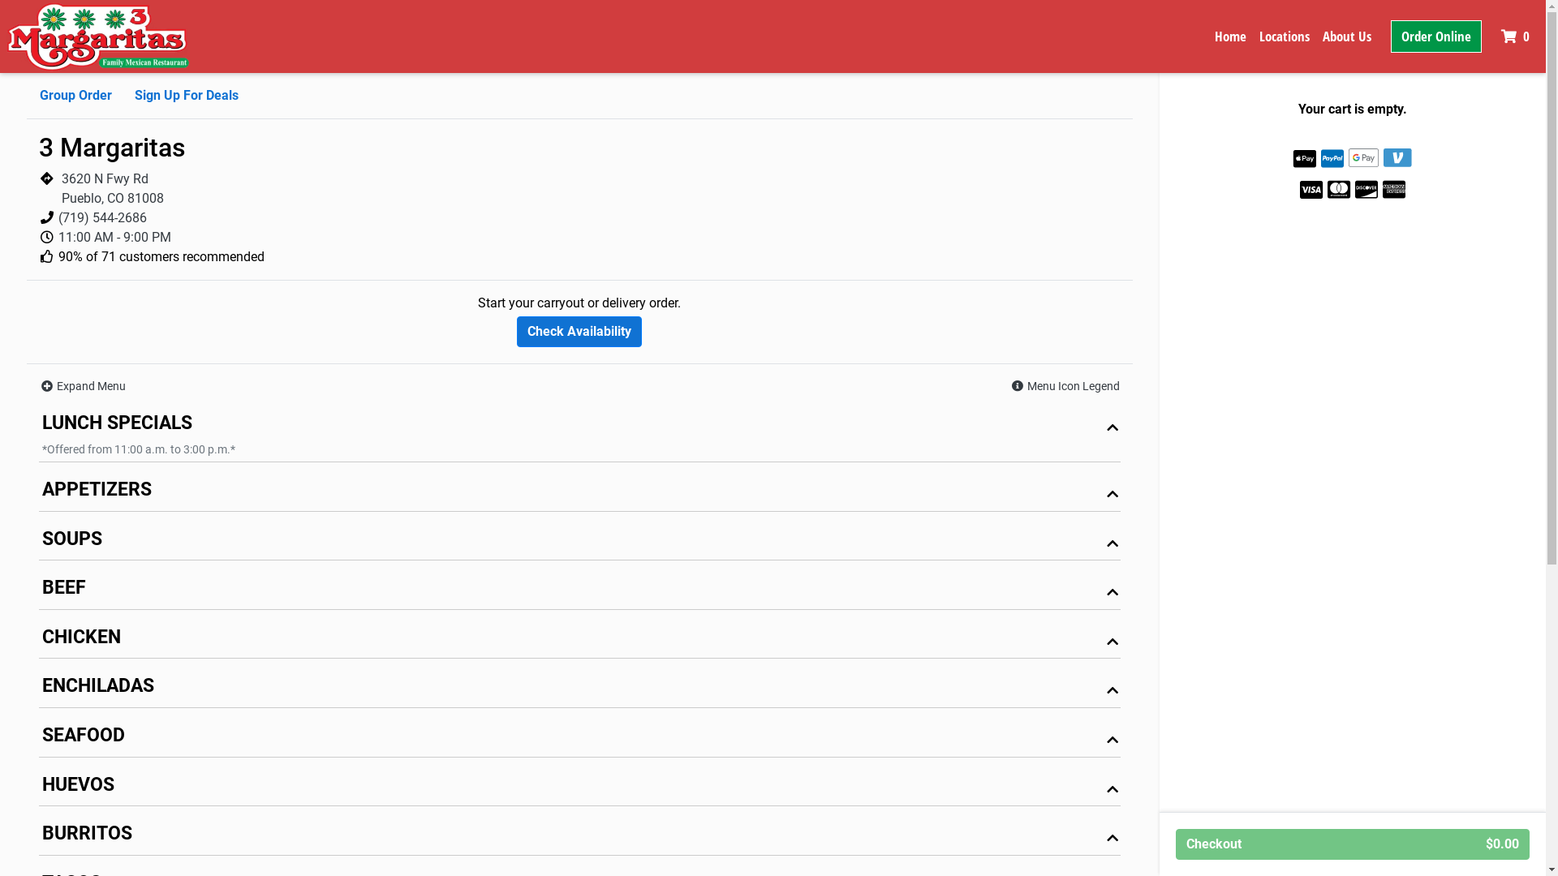 This screenshot has height=876, width=1558. What do you see at coordinates (1393, 187) in the screenshot?
I see `'Accepts American Express'` at bounding box center [1393, 187].